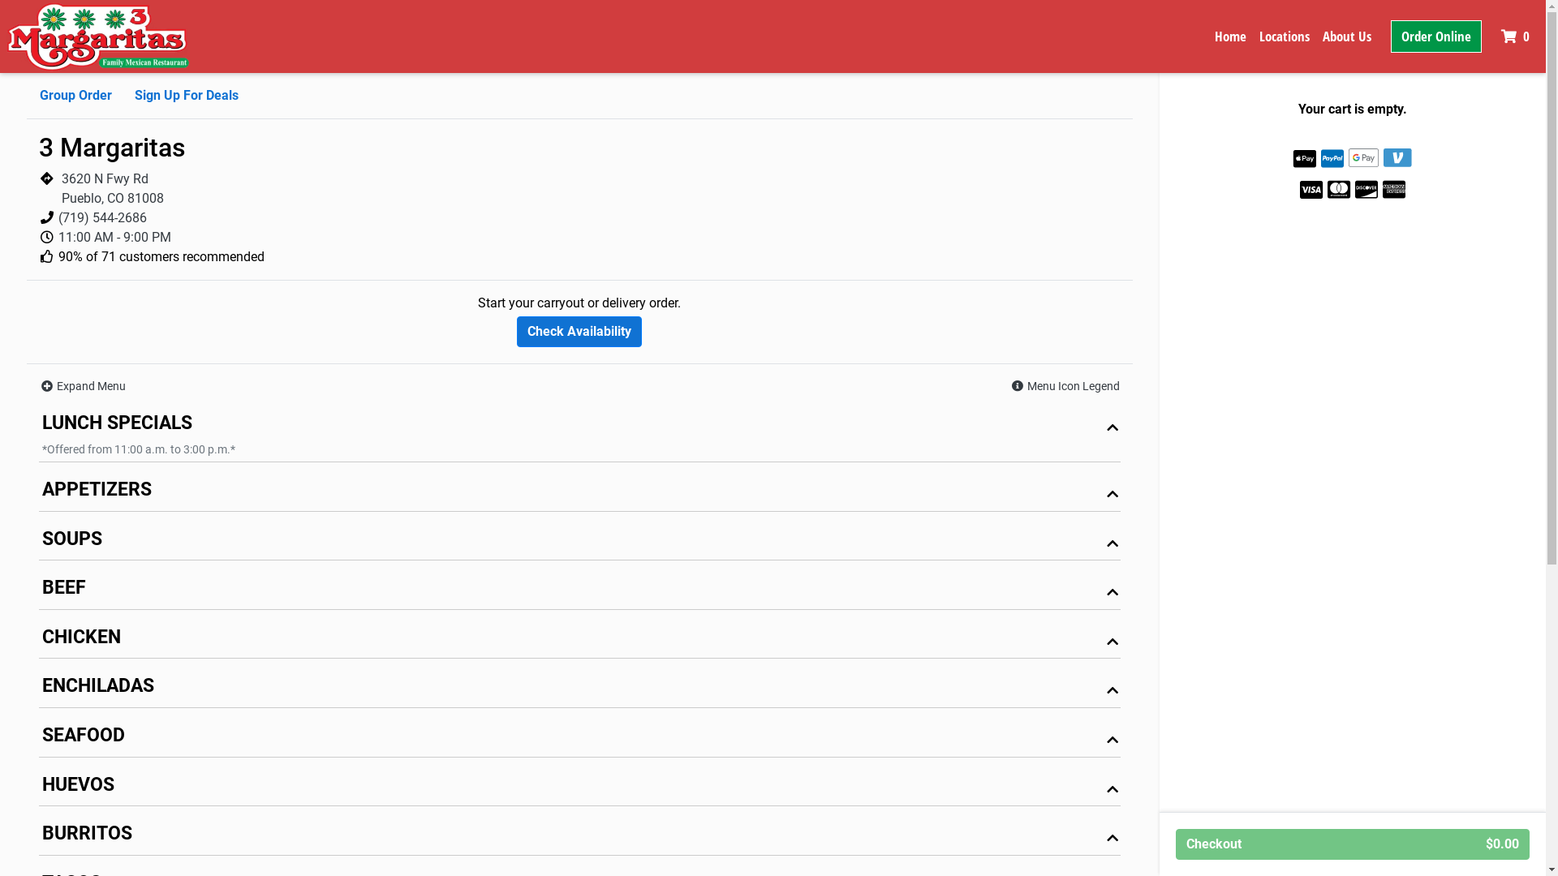 This screenshot has height=876, width=1558. What do you see at coordinates (1393, 187) in the screenshot?
I see `'Accepts American Express'` at bounding box center [1393, 187].